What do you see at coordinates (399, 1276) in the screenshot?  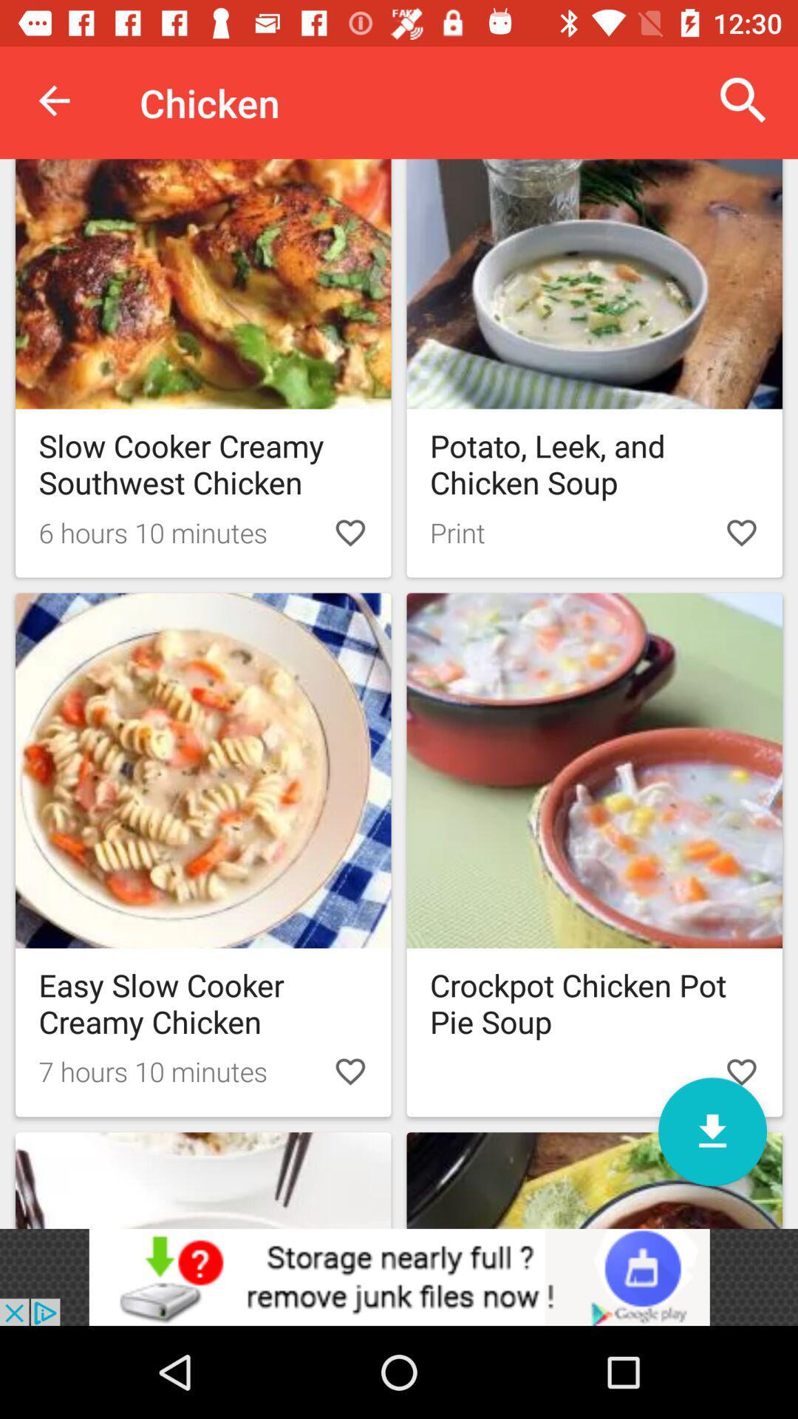 I see `advertisement` at bounding box center [399, 1276].